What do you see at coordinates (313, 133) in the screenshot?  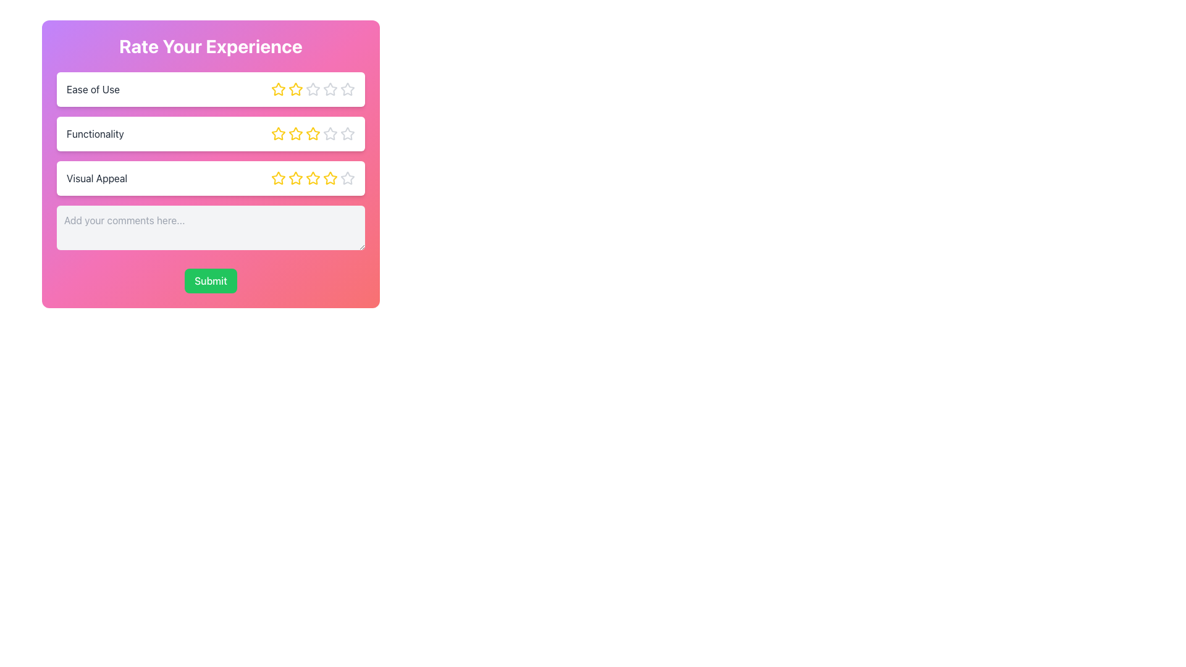 I see `the fourth yellow star icon in the 'Functionality' row of the 'Rate Your Experience' section` at bounding box center [313, 133].